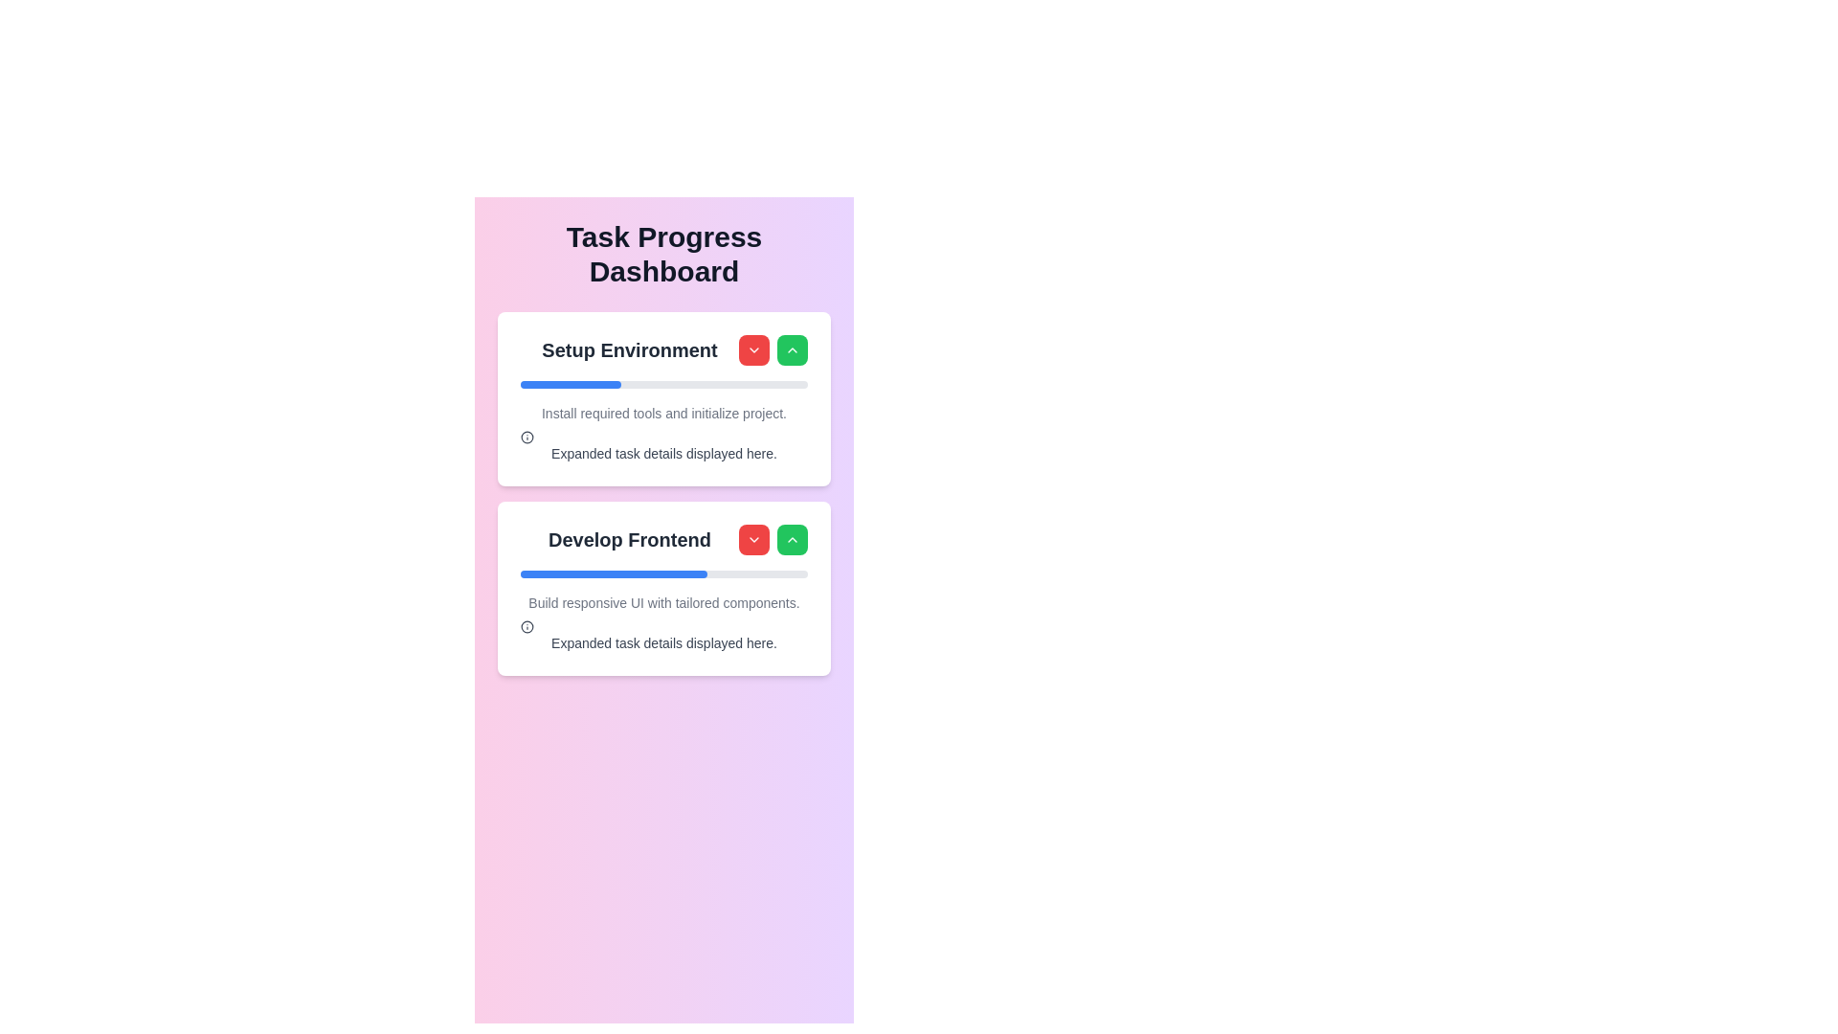 Image resolution: width=1838 pixels, height=1034 pixels. What do you see at coordinates (664, 623) in the screenshot?
I see `the detailed textual content block that provides information about the 'Develop Frontend' task, located below the progress bar` at bounding box center [664, 623].